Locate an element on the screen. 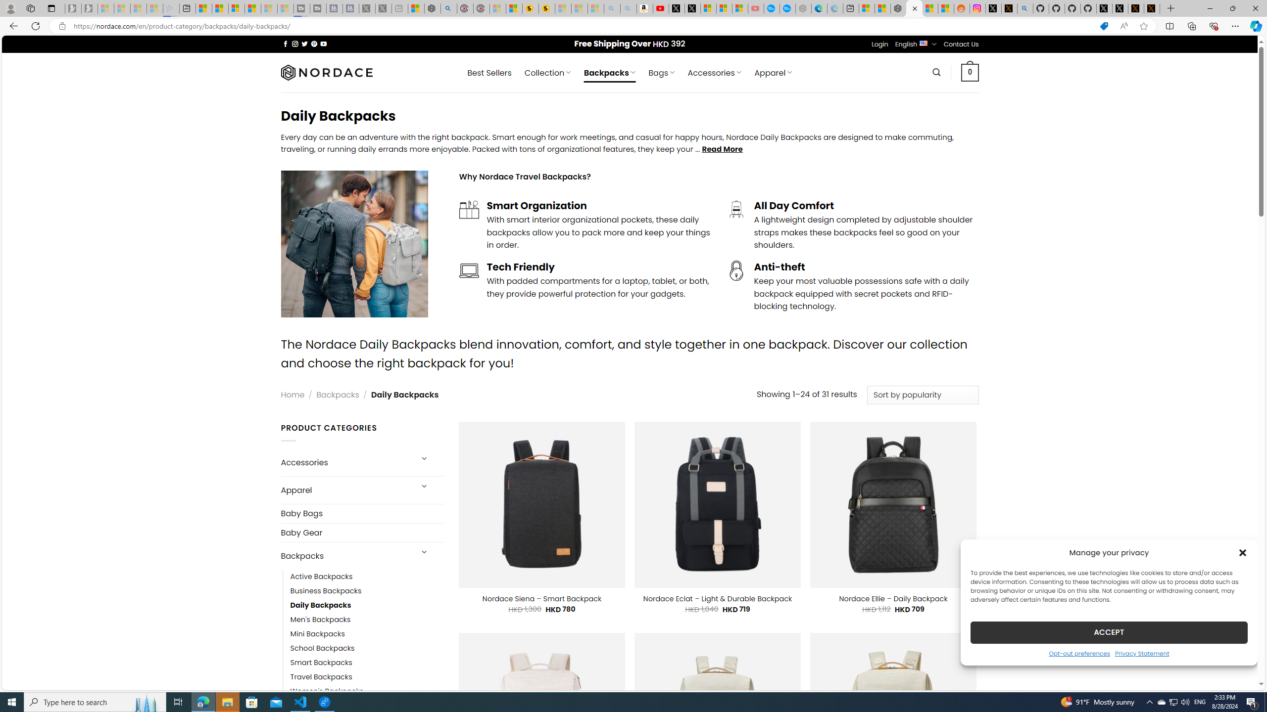 This screenshot has height=712, width=1267. 'Shop order' is located at coordinates (922, 395).